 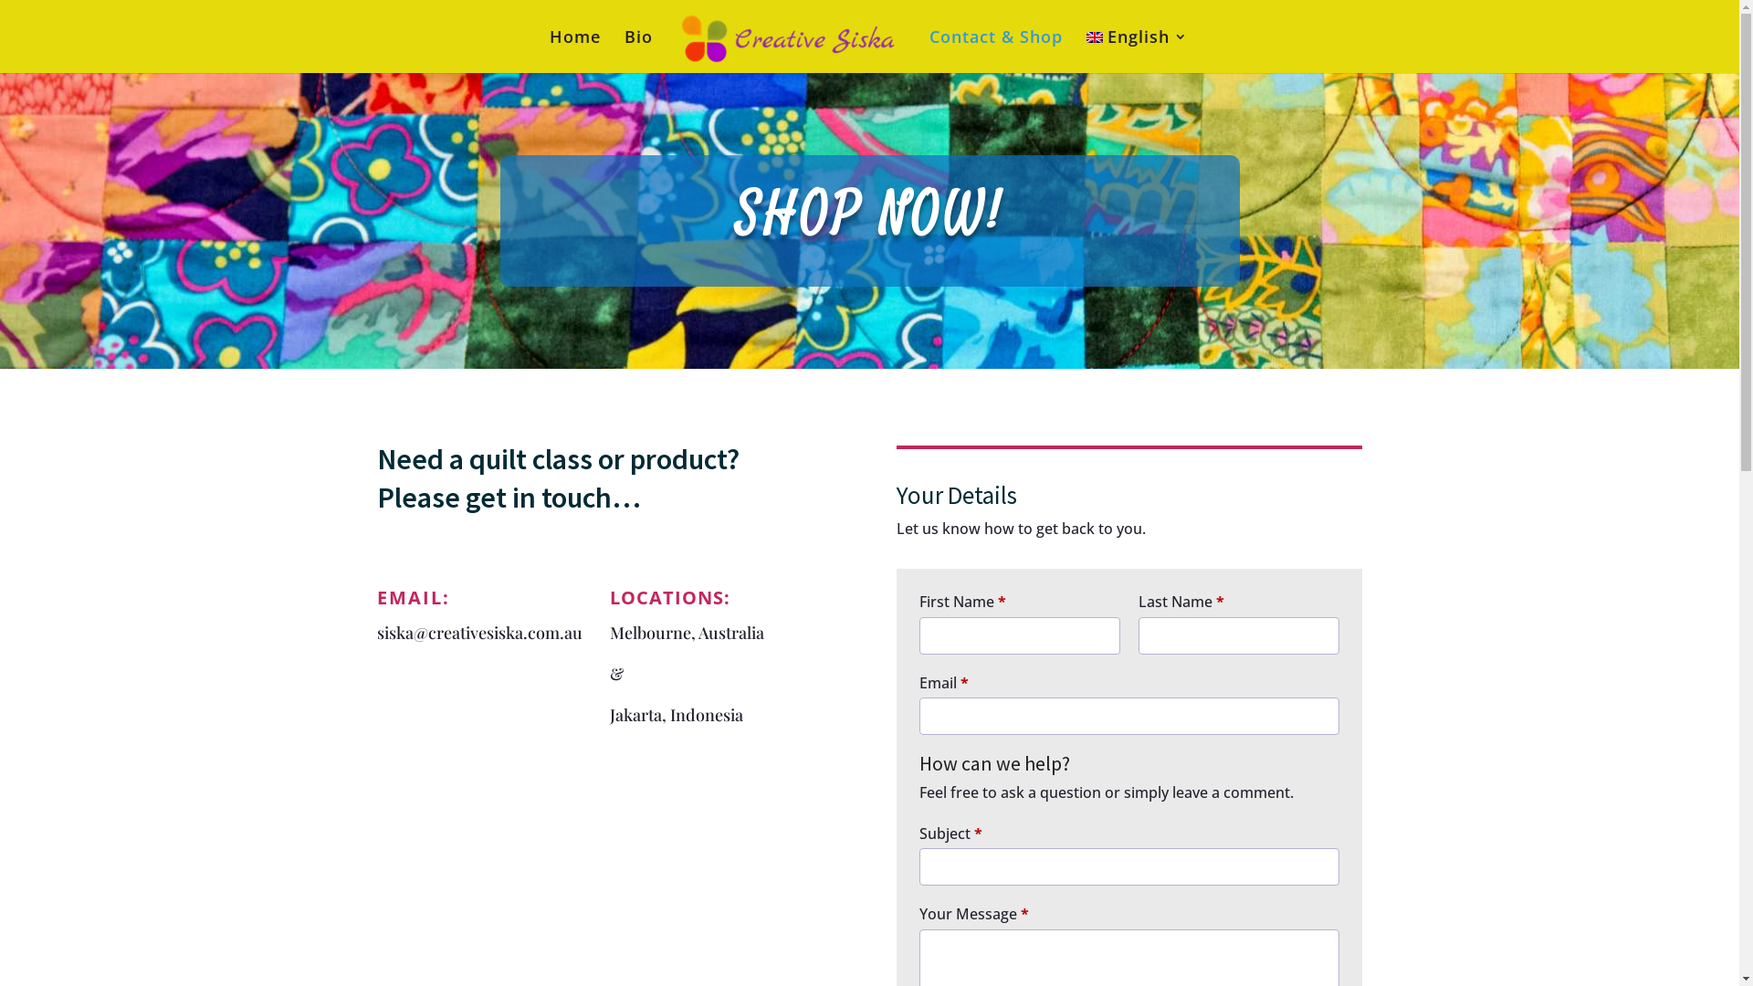 I want to click on 'Contact & Shop', so click(x=994, y=50).